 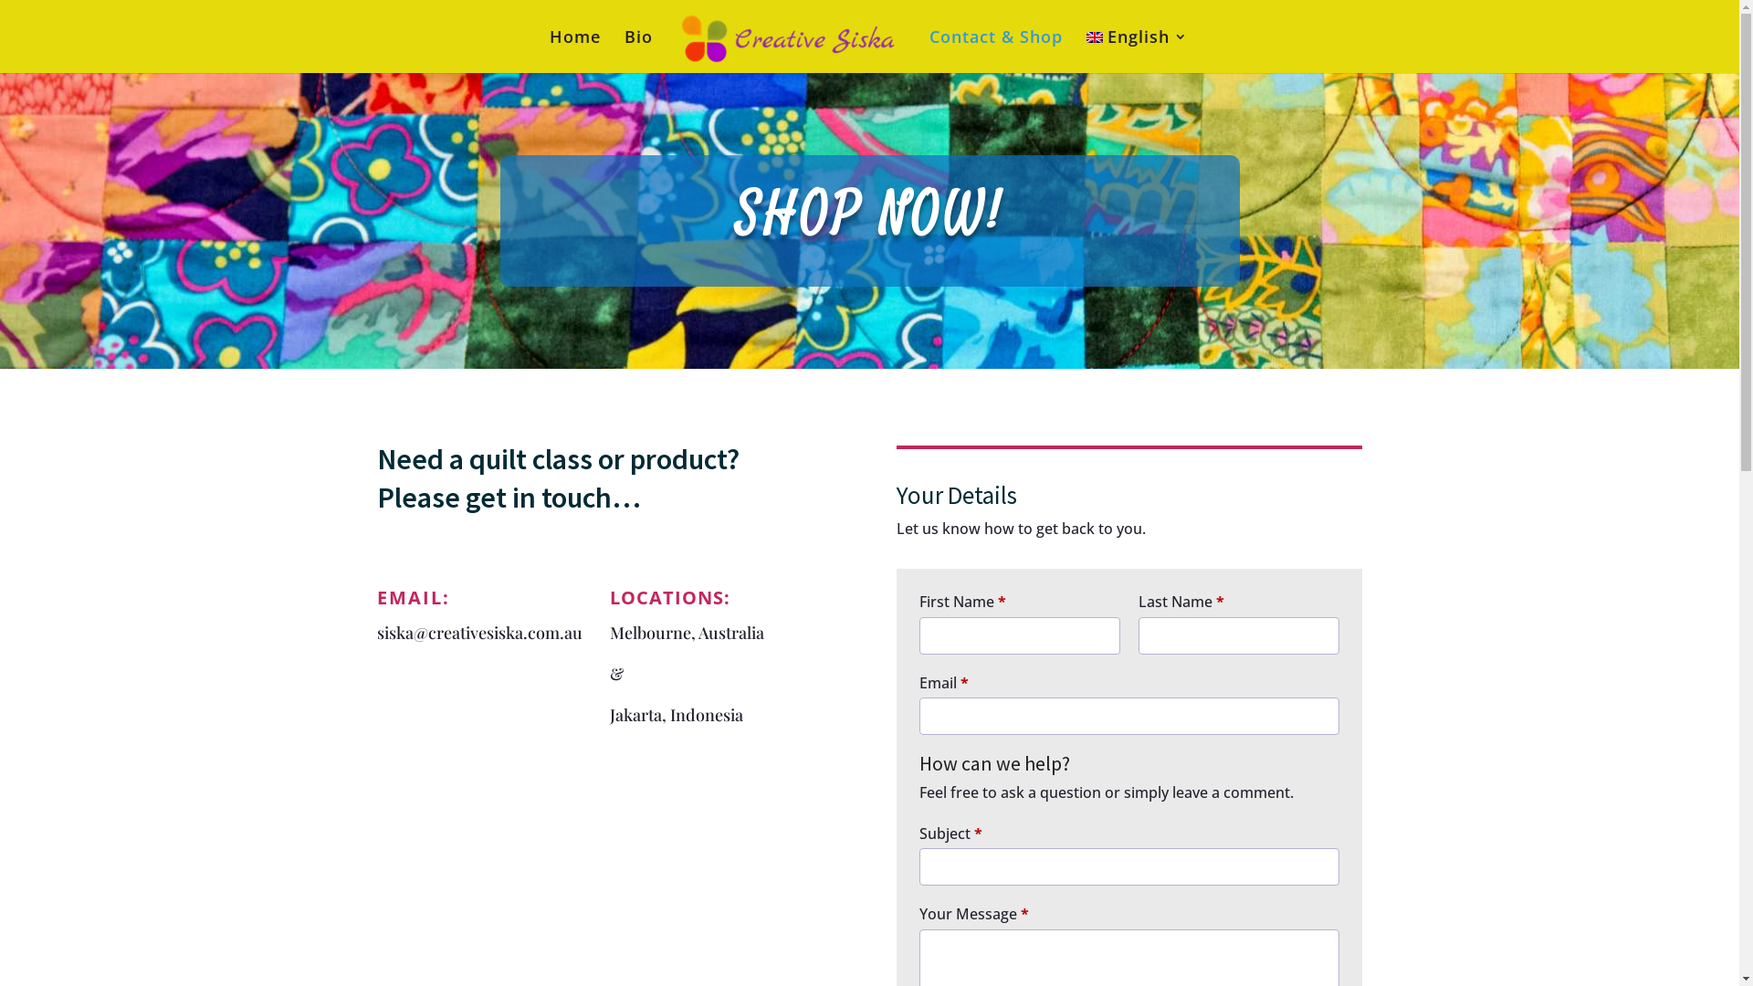 I want to click on 'Contact & Shop', so click(x=994, y=50).